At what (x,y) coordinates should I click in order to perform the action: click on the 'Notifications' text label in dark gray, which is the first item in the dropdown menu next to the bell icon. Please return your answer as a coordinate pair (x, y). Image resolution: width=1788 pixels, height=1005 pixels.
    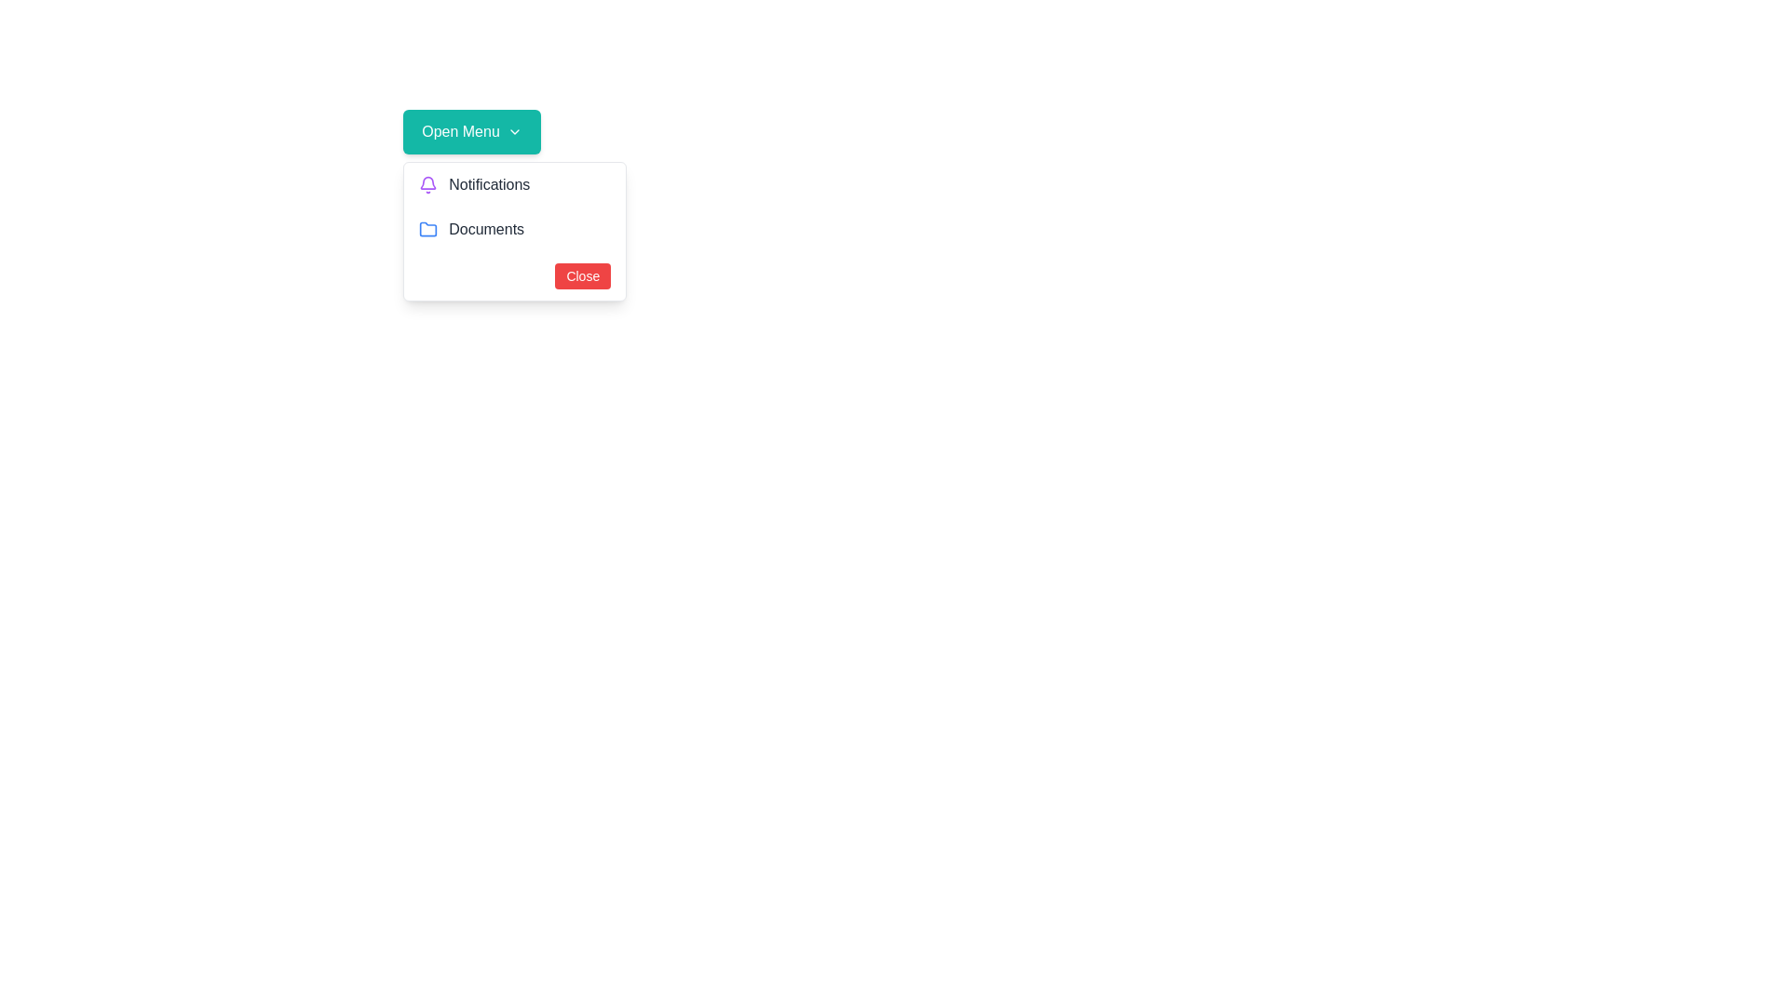
    Looking at the image, I should click on (489, 185).